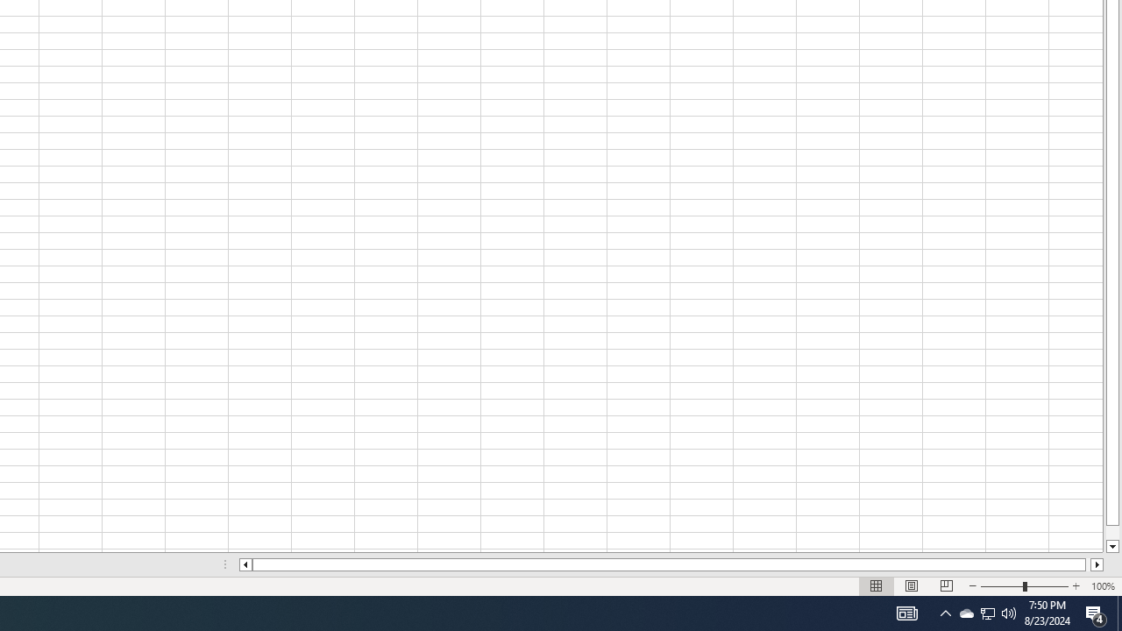 The height and width of the screenshot is (631, 1122). Describe the element at coordinates (1024, 586) in the screenshot. I see `'Zoom'` at that location.